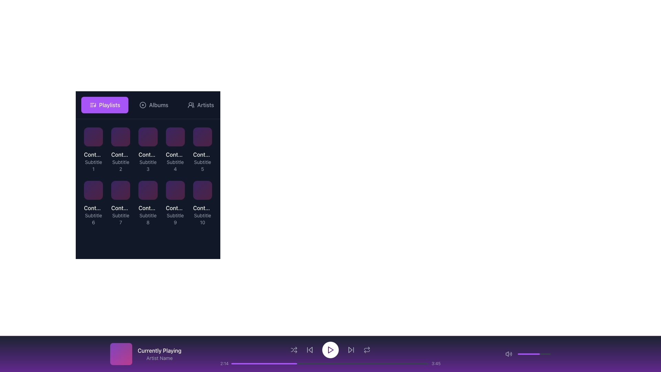 The image size is (661, 372). Describe the element at coordinates (202, 190) in the screenshot. I see `the content tile or card located at the bottom-right corner of the grid, labeled 'Content Title 10' and 'Subtitle 10'` at that location.